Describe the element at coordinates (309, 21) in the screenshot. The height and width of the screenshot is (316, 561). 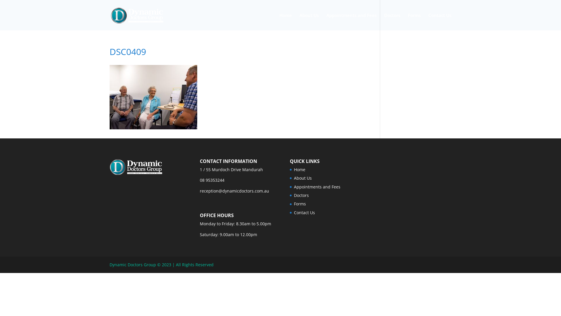
I see `'About Us'` at that location.